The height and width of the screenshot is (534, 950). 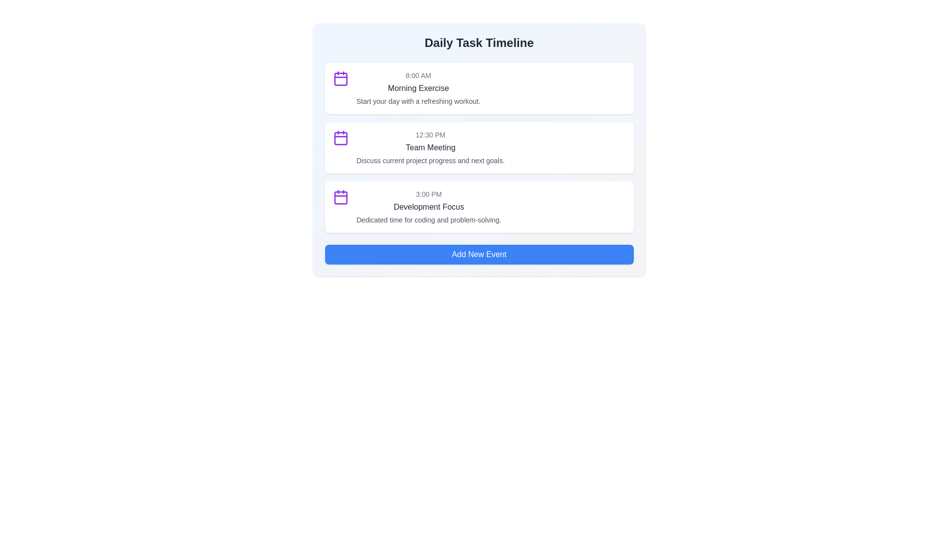 What do you see at coordinates (340, 138) in the screenshot?
I see `the purple rectangular icon with rounded corners, which is part of the calendar icon at the start of the second task in the timeline list` at bounding box center [340, 138].